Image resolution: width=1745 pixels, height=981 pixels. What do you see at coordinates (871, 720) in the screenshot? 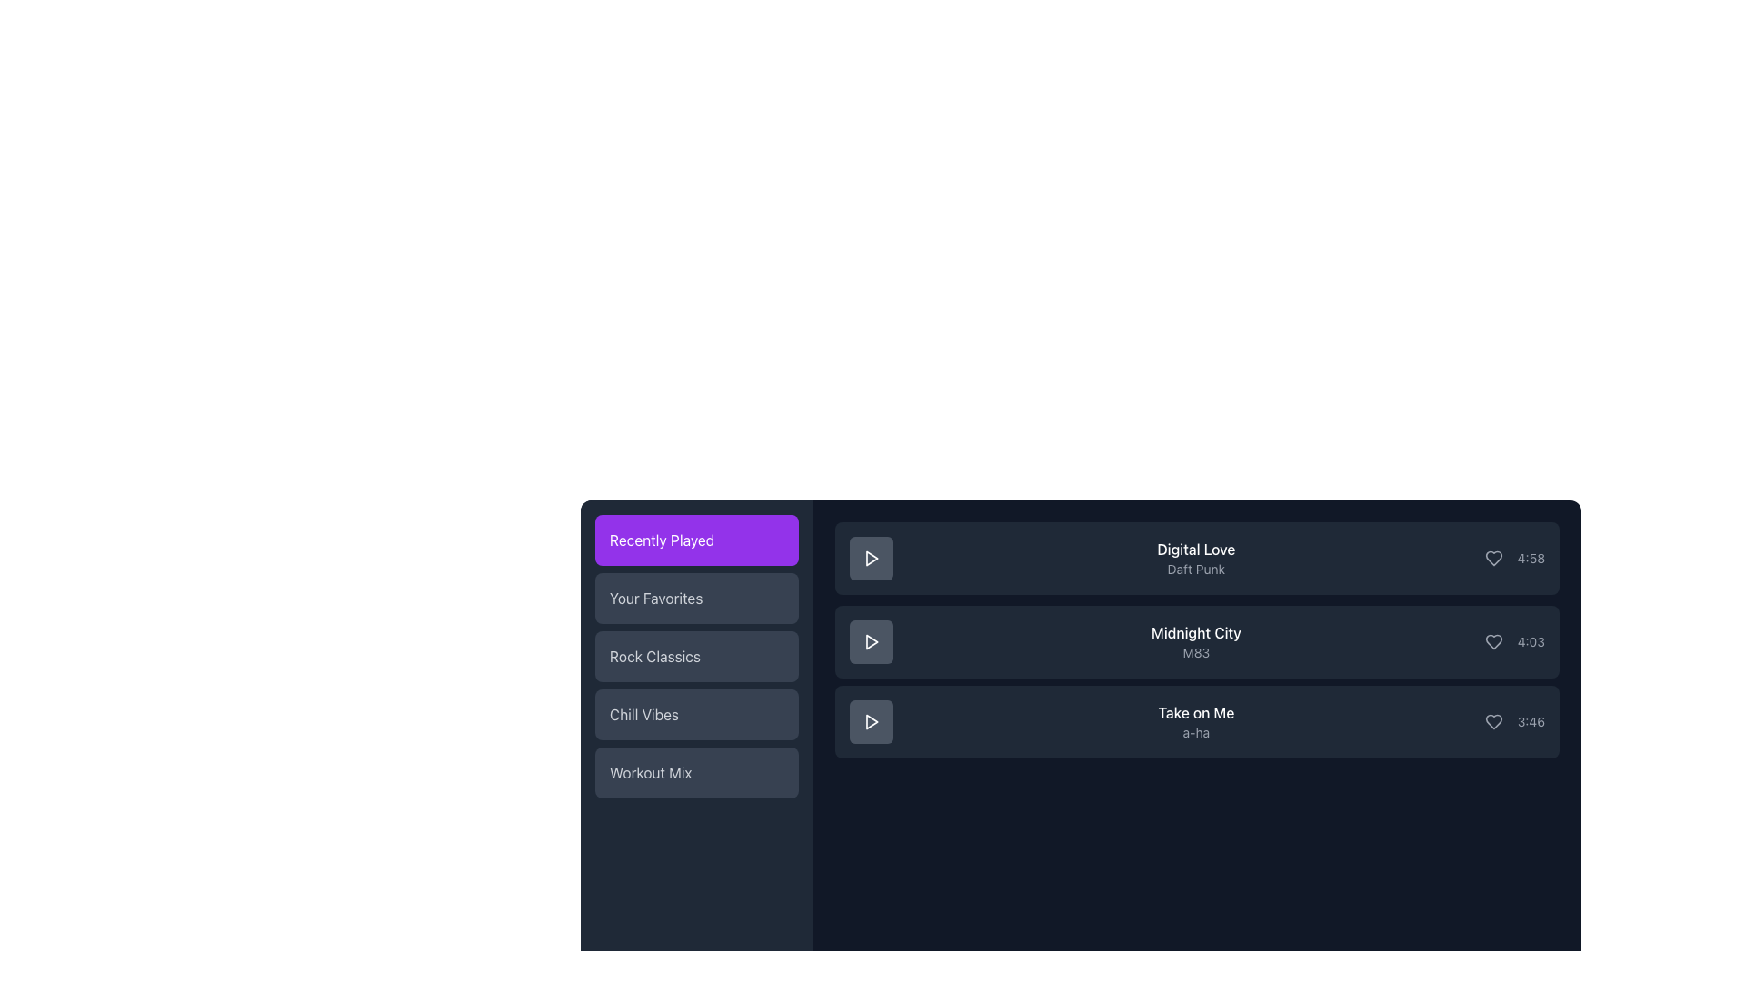
I see `the bottom-most Play icon in the list` at bounding box center [871, 720].